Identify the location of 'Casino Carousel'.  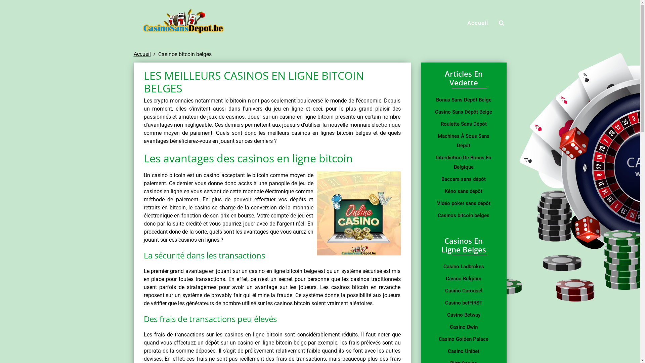
(463, 290).